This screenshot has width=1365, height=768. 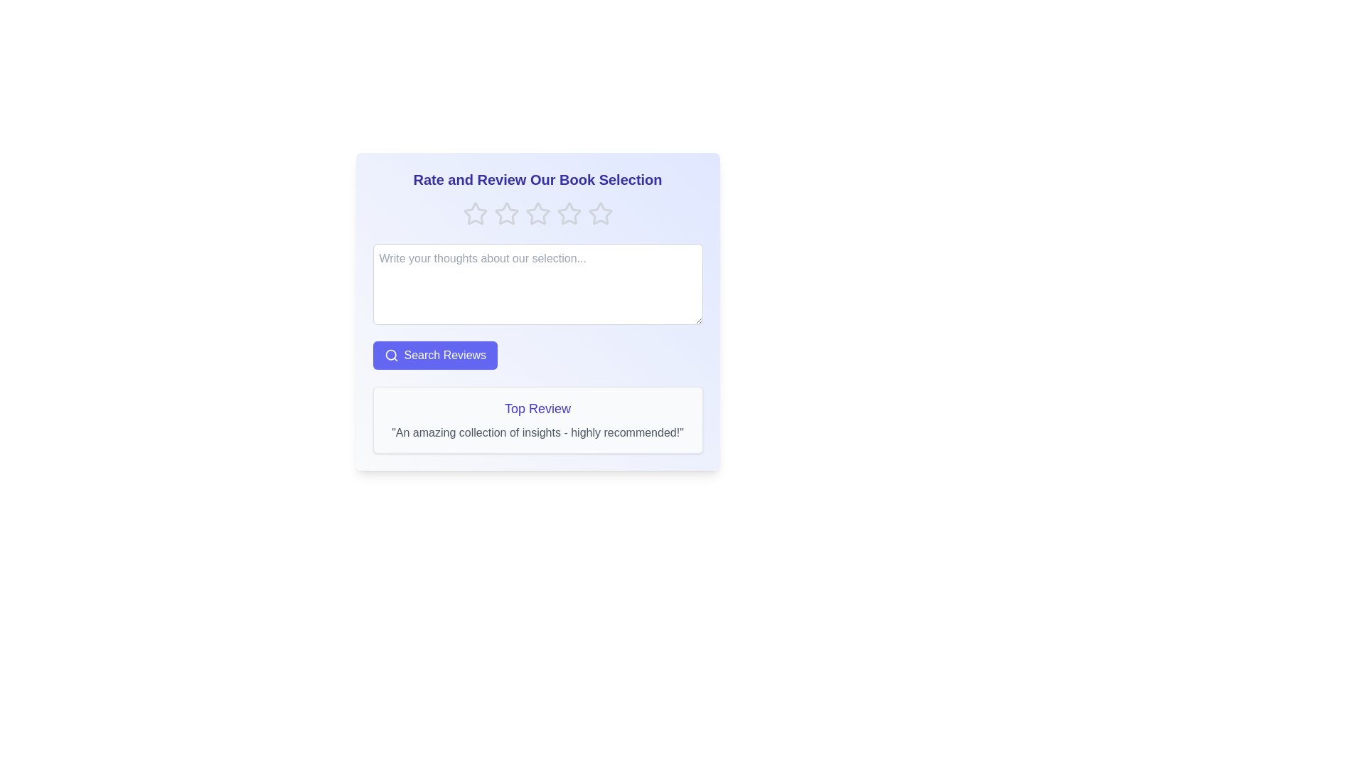 What do you see at coordinates (537, 284) in the screenshot?
I see `the text area and type the review text` at bounding box center [537, 284].